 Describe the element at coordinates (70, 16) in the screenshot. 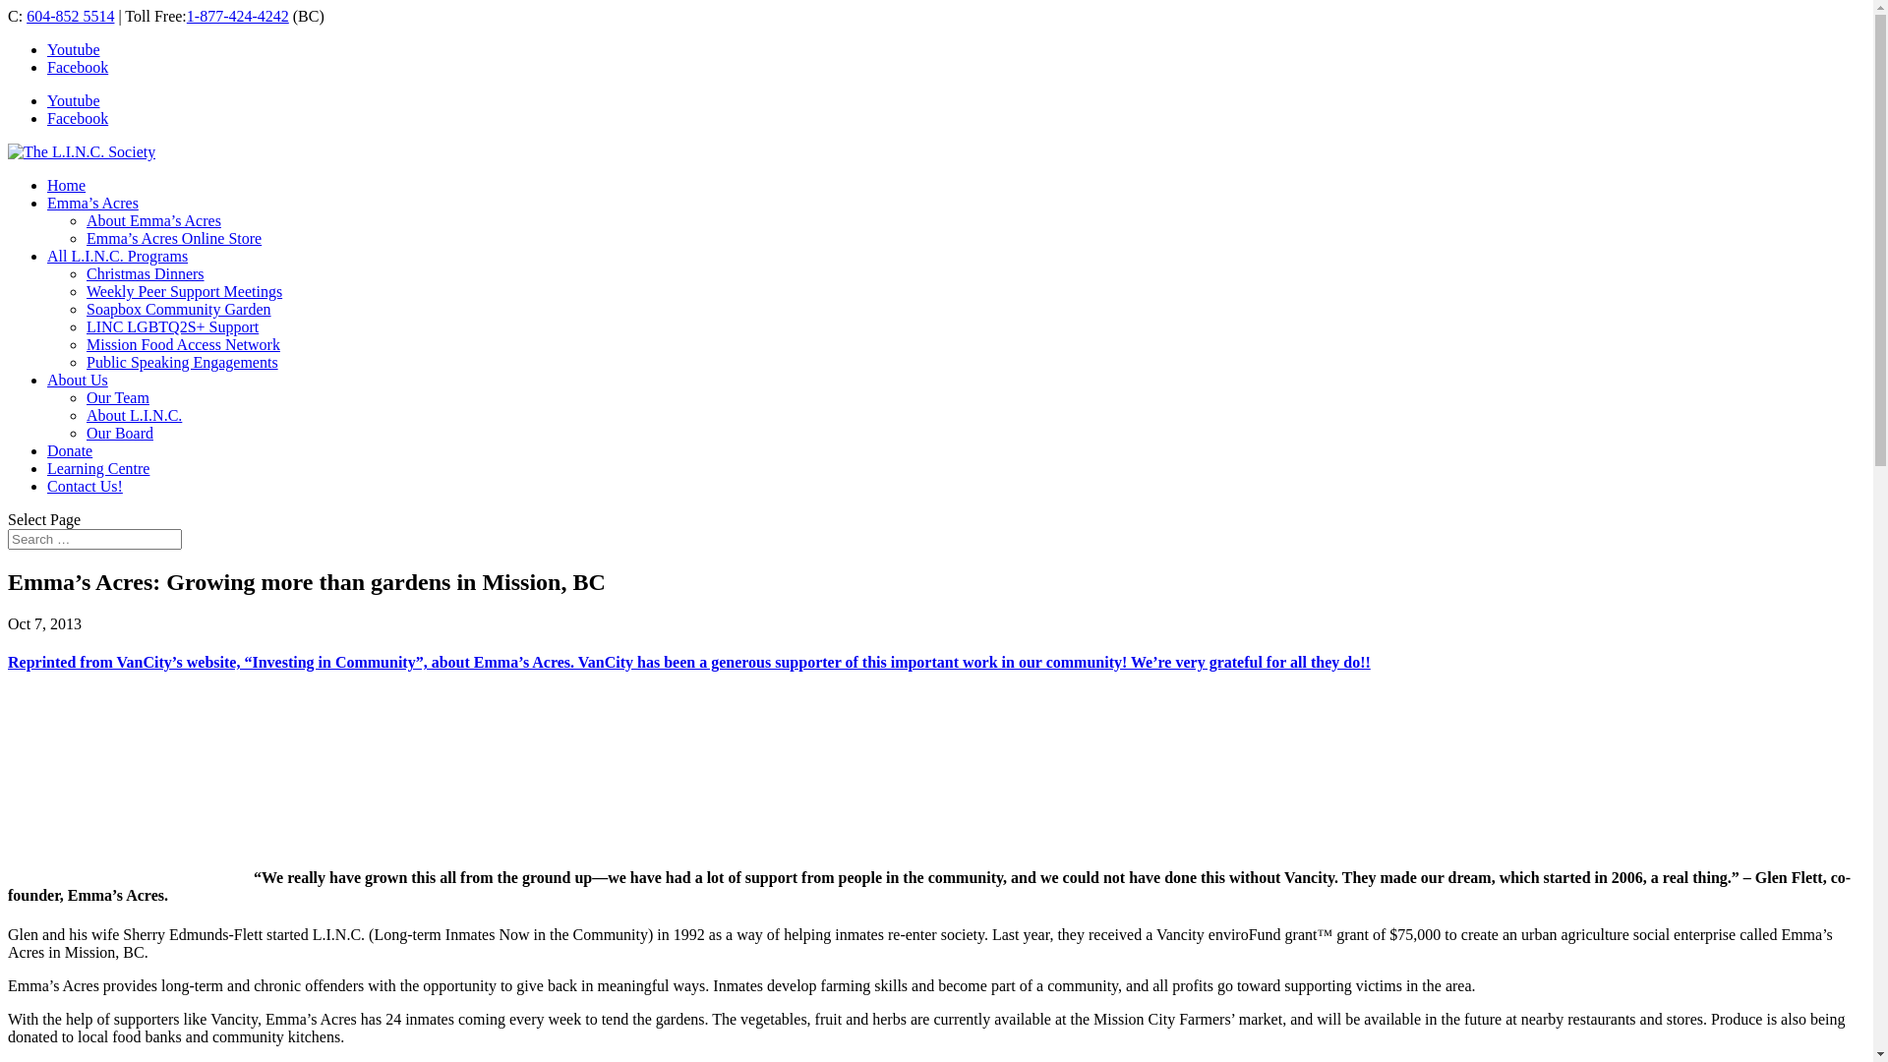

I see `'604-852 5514'` at that location.